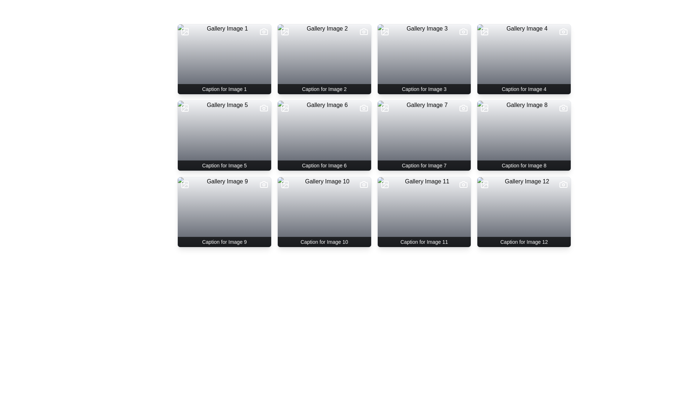 This screenshot has height=393, width=698. Describe the element at coordinates (364, 108) in the screenshot. I see `the camera icon represented as a white SVG graphic located at the top-right corner of the sixth gallery card in the second row` at that location.